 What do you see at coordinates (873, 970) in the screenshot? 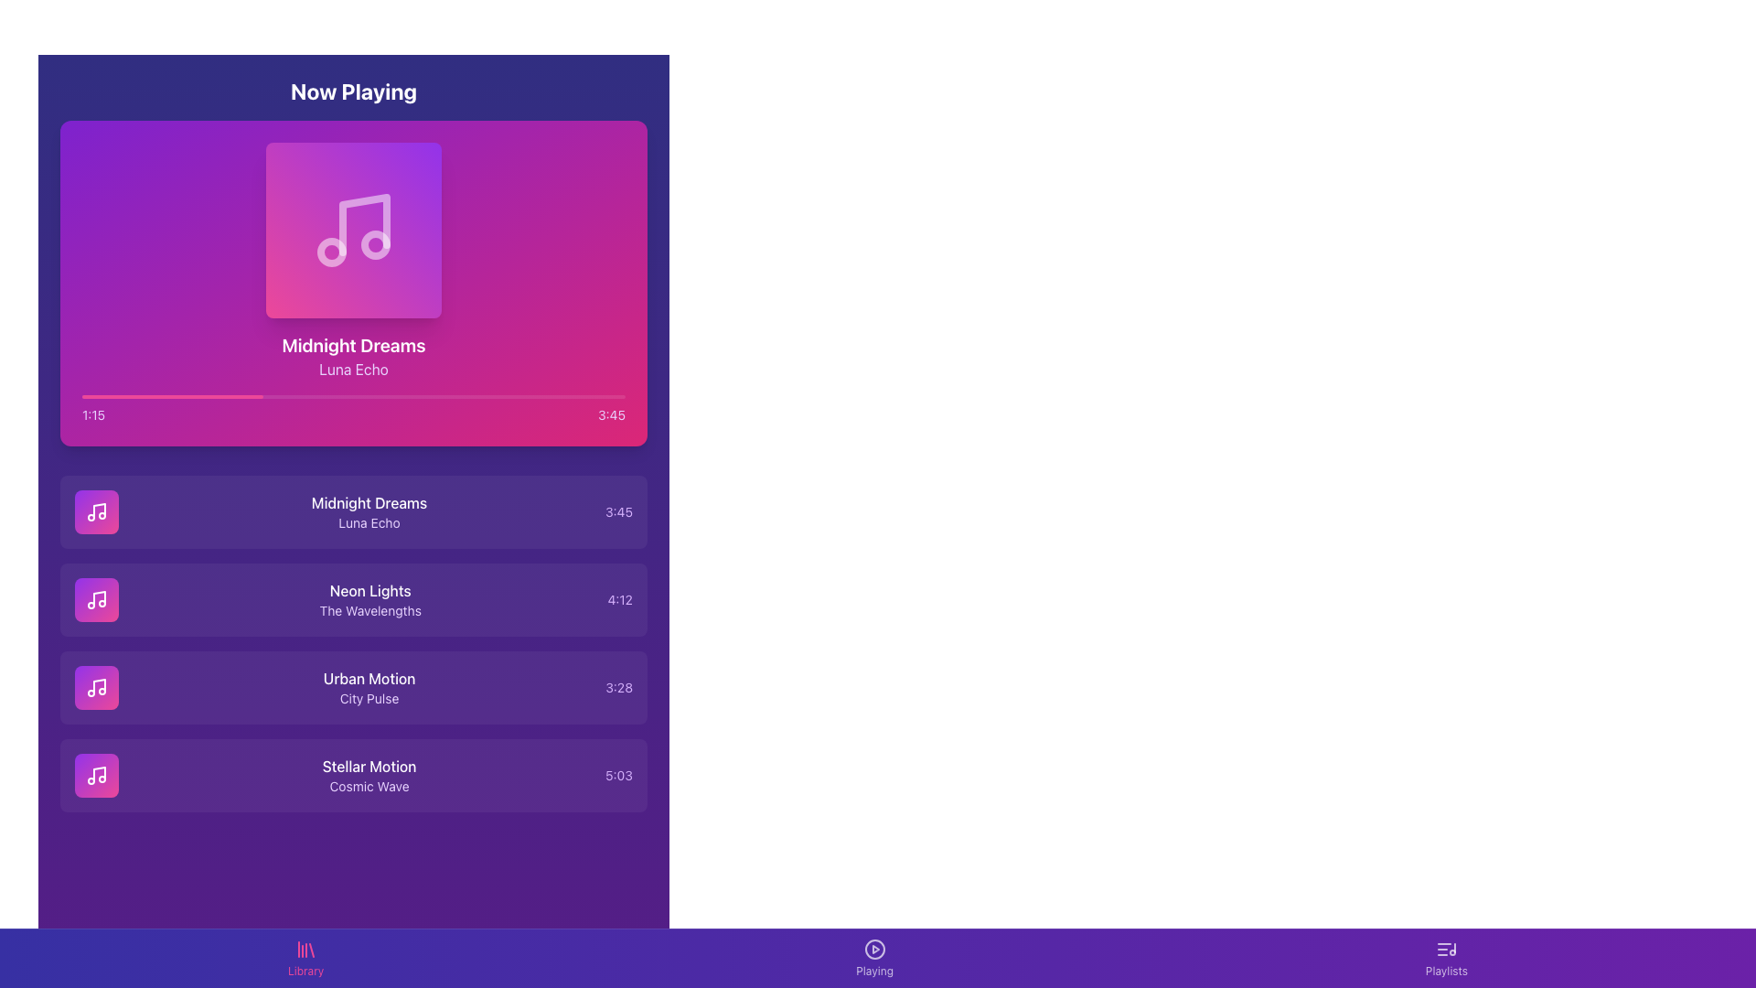
I see `the static text label displaying 'Playing' in lowercase letters, which is styled in a muted white color and located below the circular play button icon` at bounding box center [873, 970].